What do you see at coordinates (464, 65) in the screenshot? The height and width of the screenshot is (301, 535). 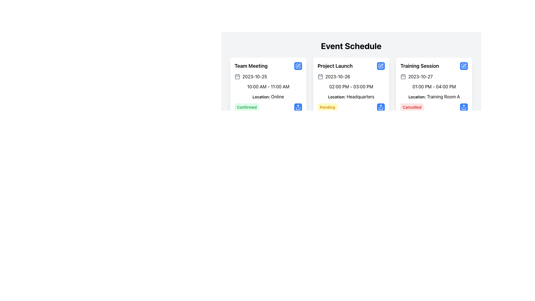 I see `the edit icon located in the top-right corner of the 'Training Session' card in the 'Event Schedule' interface` at bounding box center [464, 65].